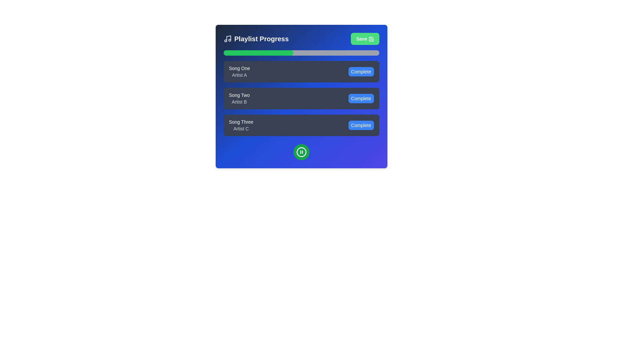 This screenshot has width=644, height=362. I want to click on the save icon embedded within the green 'Save' button located at the top-right corner of the blue panel, so click(371, 39).